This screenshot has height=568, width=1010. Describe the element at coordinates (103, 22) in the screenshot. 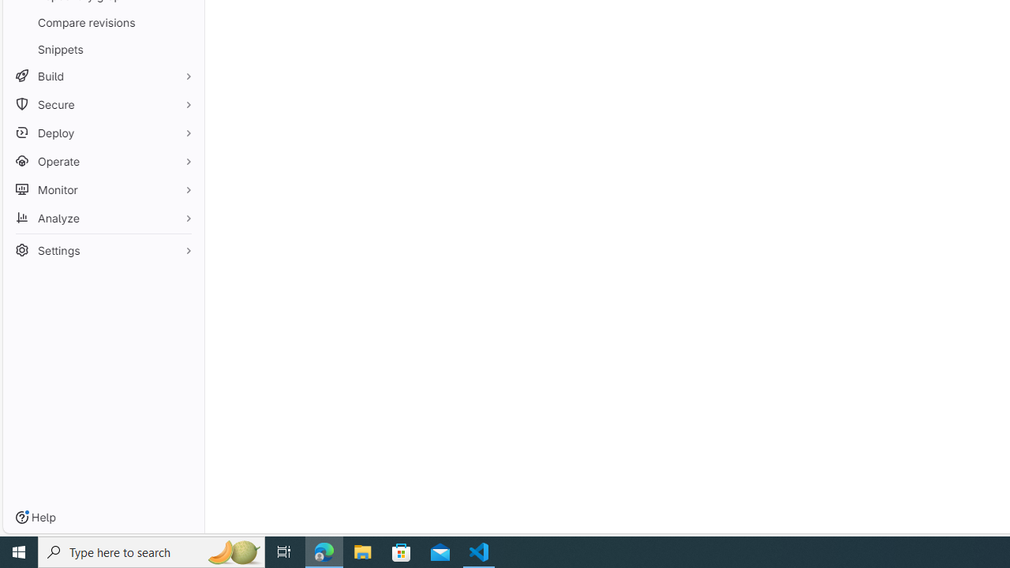

I see `'Compare revisions'` at that location.